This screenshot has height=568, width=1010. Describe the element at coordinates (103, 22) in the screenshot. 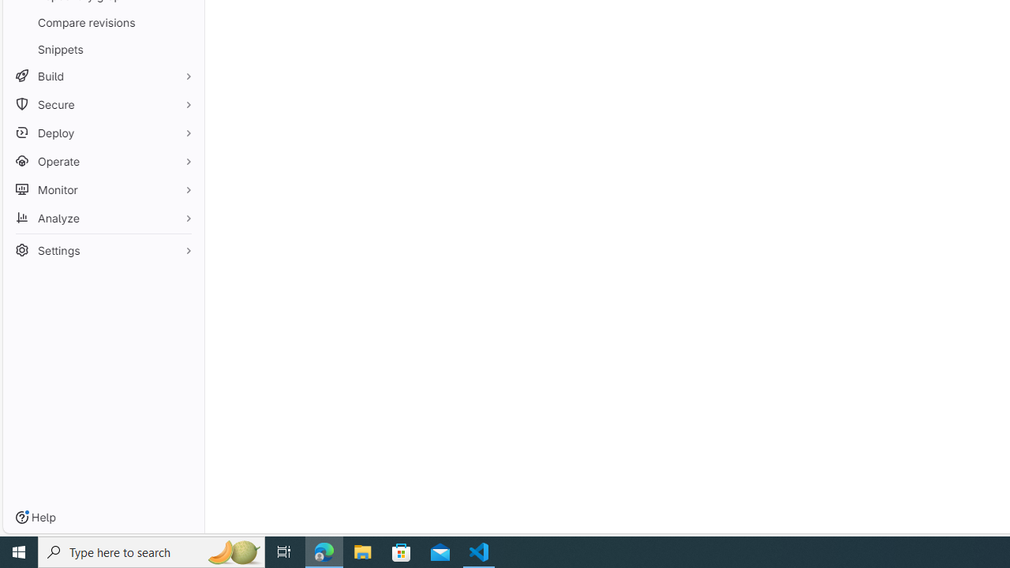

I see `'Compare revisions'` at that location.